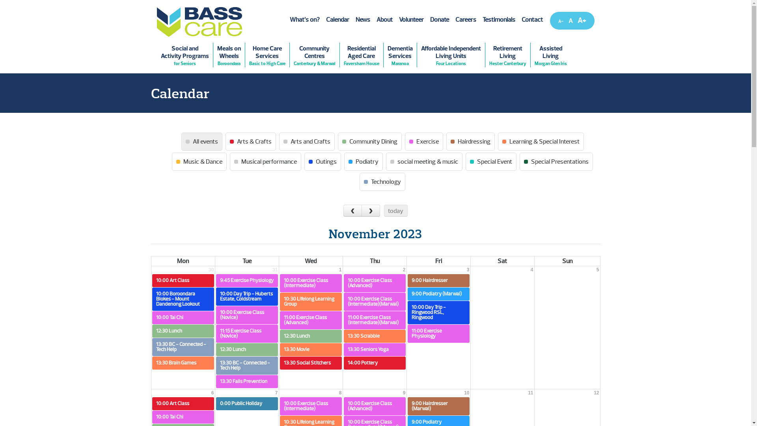  I want to click on 'Residential, so click(361, 54).